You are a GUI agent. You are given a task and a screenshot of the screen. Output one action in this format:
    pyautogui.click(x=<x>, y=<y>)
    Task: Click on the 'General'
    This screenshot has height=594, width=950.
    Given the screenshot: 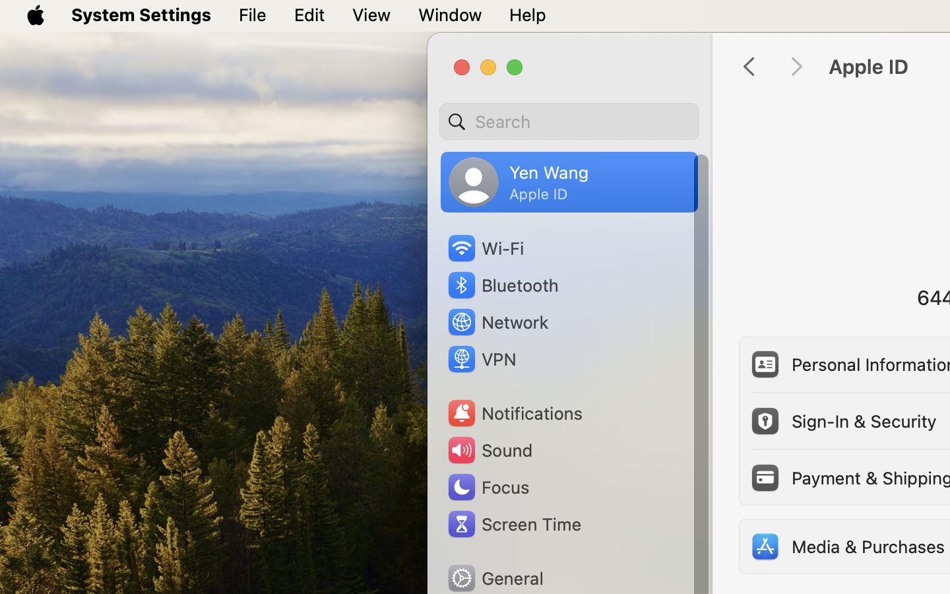 What is the action you would take?
    pyautogui.click(x=493, y=577)
    